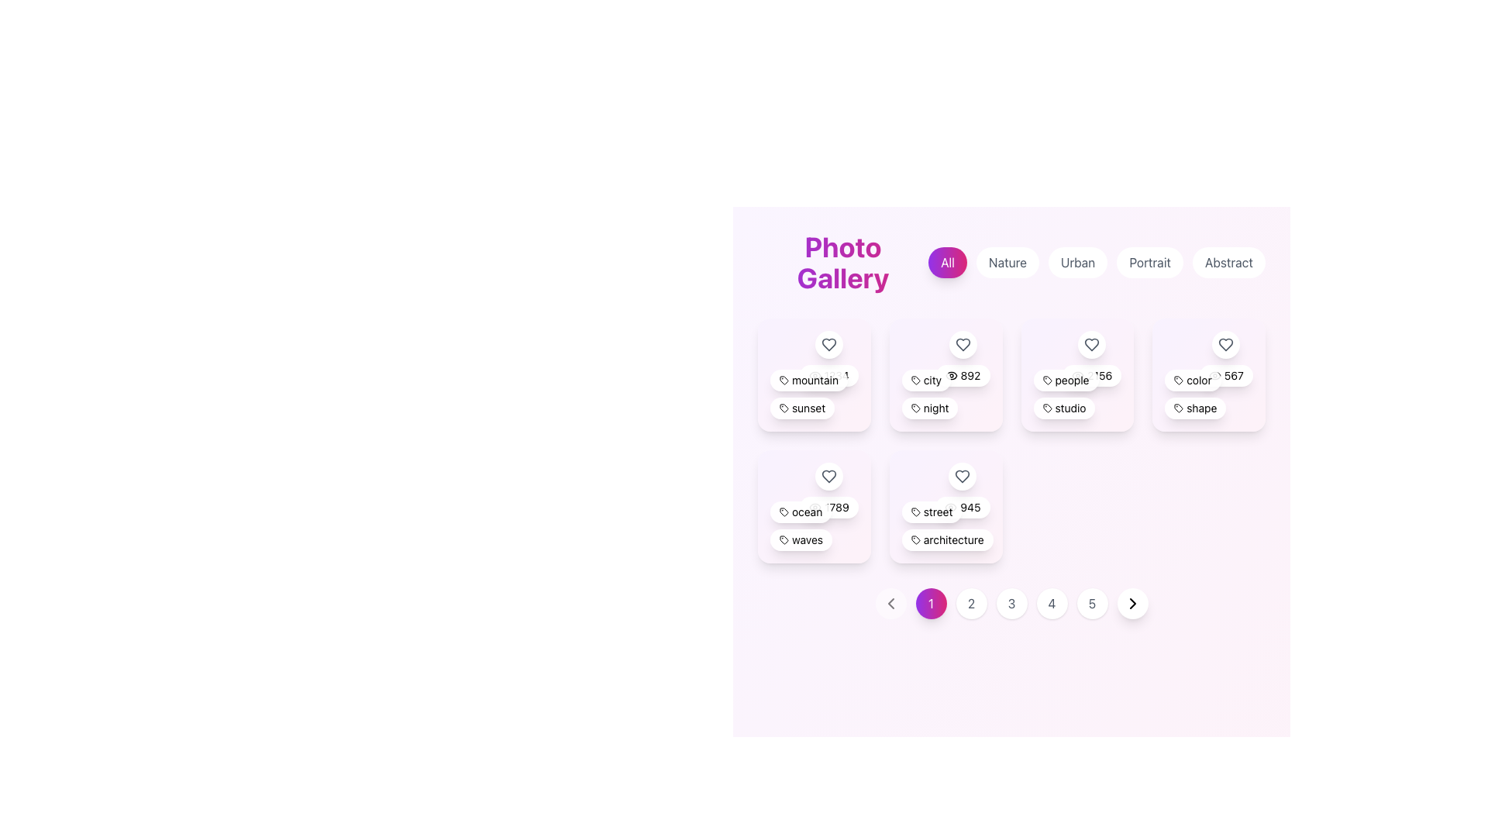  Describe the element at coordinates (950, 376) in the screenshot. I see `the elliptical curve segment of the eye icon located in the second card of the first row labeled 'city', positioned above the '892' numeric label` at that location.